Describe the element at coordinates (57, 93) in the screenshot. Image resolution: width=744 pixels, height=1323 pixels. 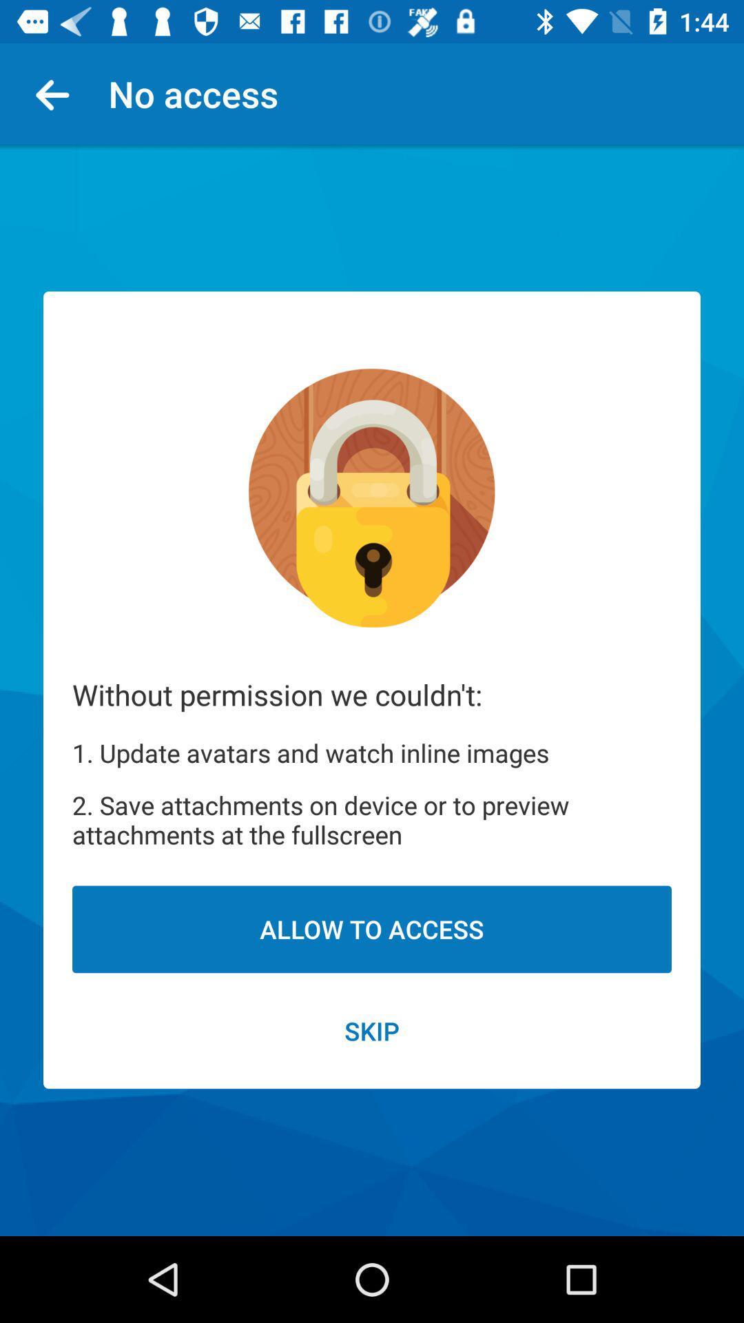
I see `the icon next to no access item` at that location.